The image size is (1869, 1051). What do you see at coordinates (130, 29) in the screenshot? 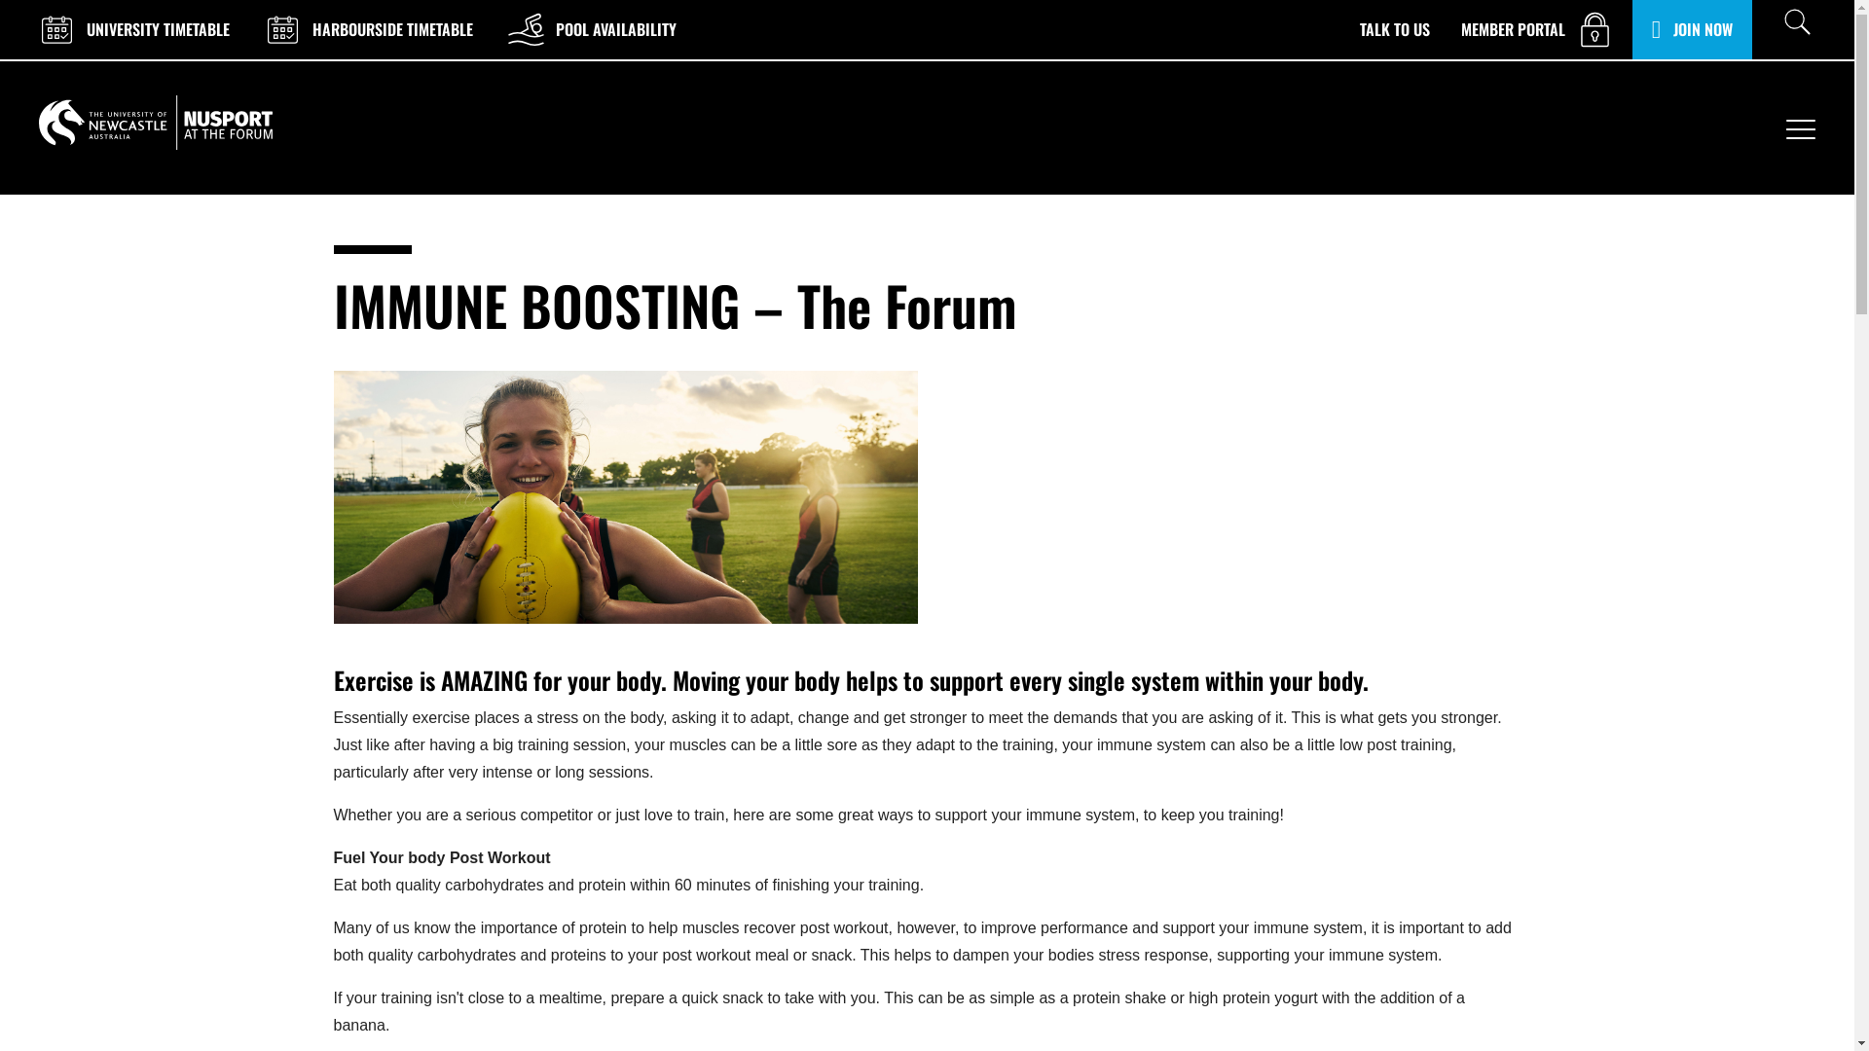
I see `'UNIVERSITY TIMETABLE'` at bounding box center [130, 29].